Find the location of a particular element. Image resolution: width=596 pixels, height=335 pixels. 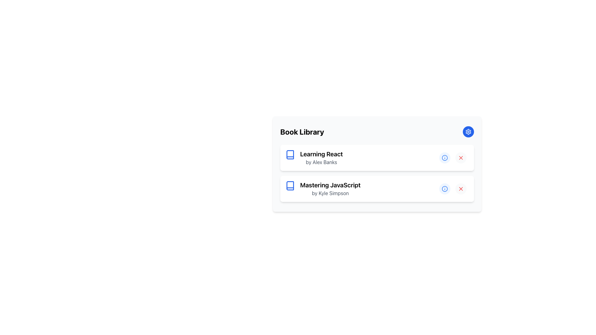

the text label displaying the author's name for the book 'Mastering JavaScript', which is located below the book title in the second book listing is located at coordinates (330, 193).